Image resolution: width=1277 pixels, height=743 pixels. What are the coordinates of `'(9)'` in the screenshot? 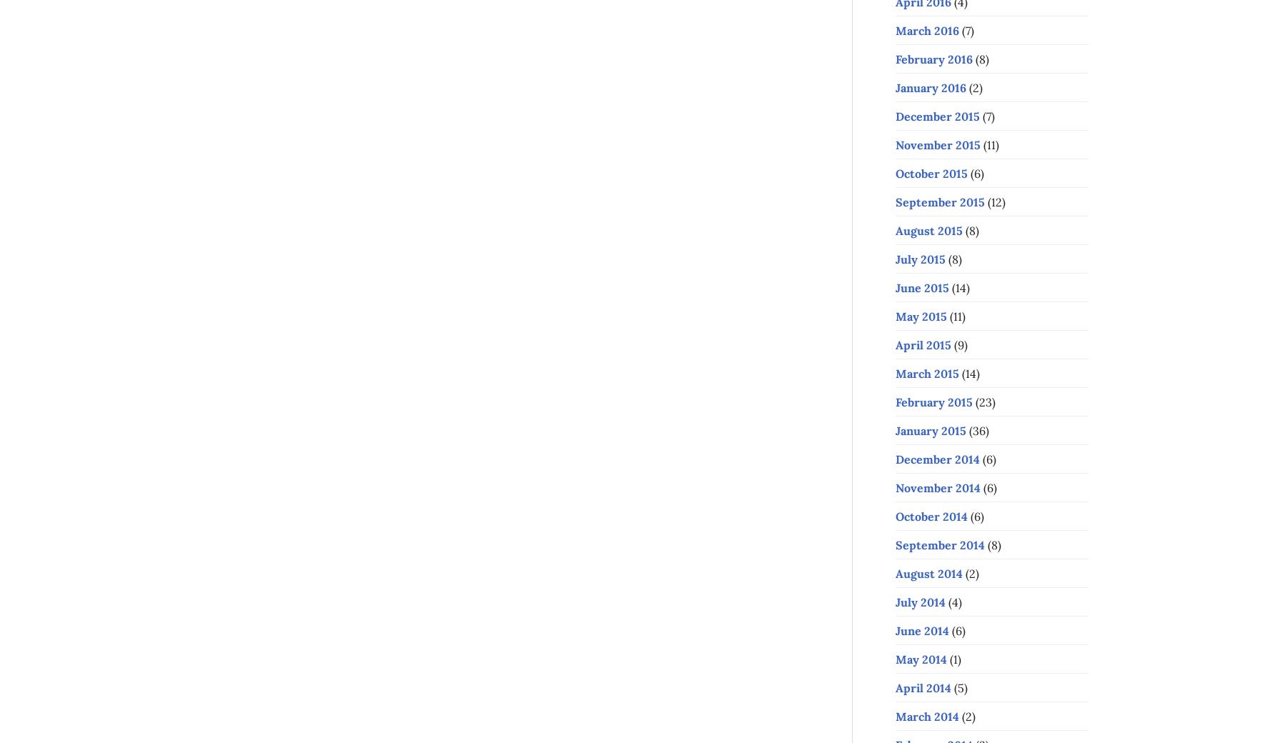 It's located at (959, 344).